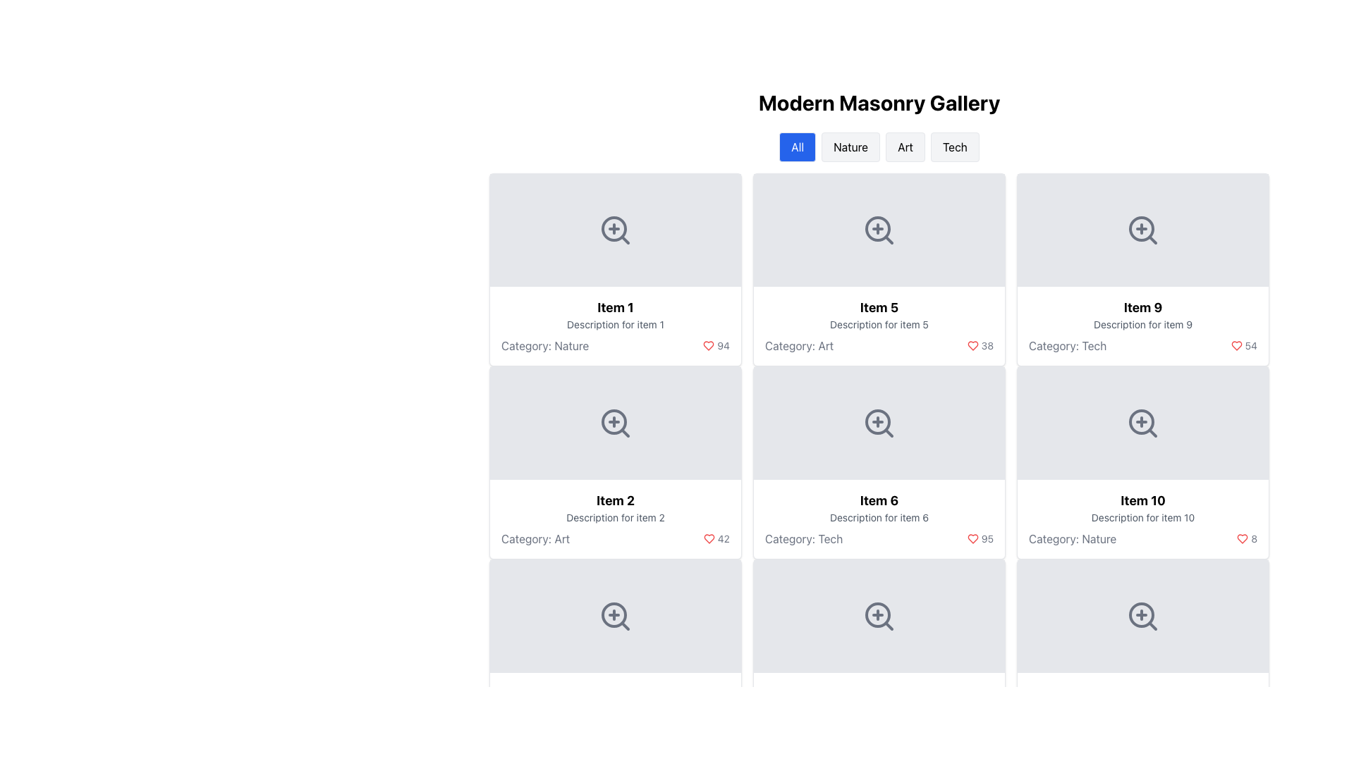 The width and height of the screenshot is (1354, 761). Describe the element at coordinates (879, 519) in the screenshot. I see `the card displaying an individual item's information, including its title, description, category, and popularity score, located in the third column of the second row of the grid layout` at that location.